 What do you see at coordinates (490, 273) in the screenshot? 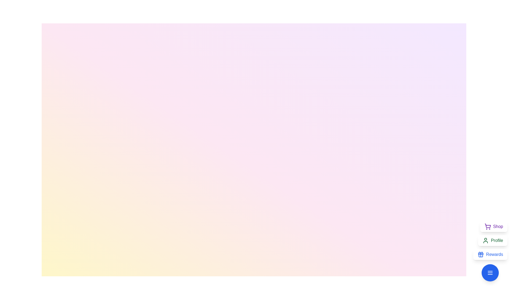
I see `the menu button located in the bottom-right corner of the interface` at bounding box center [490, 273].